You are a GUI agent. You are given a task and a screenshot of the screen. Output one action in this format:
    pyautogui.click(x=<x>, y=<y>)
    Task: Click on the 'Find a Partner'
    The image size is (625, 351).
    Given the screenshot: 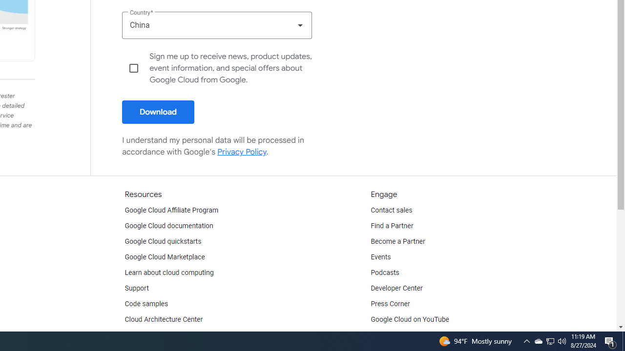 What is the action you would take?
    pyautogui.click(x=392, y=226)
    